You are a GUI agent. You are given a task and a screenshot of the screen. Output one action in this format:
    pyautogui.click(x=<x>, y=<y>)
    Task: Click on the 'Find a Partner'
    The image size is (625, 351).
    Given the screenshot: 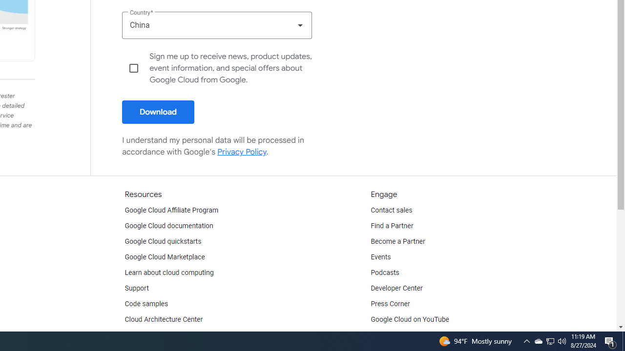 What is the action you would take?
    pyautogui.click(x=392, y=226)
    